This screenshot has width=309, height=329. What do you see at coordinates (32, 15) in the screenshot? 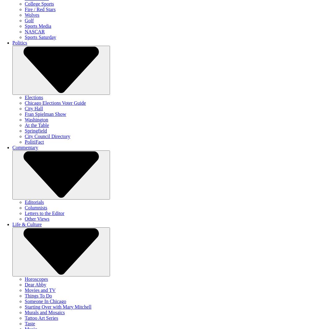
I see `'Wolves'` at bounding box center [32, 15].